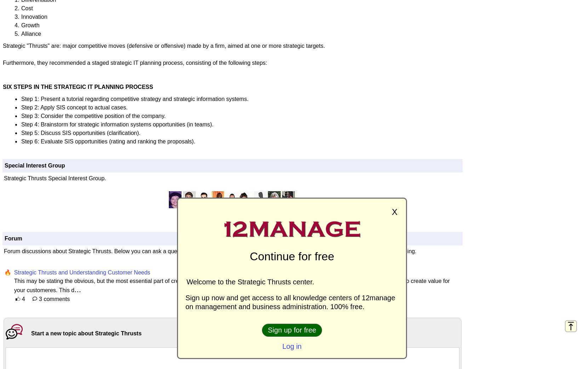 The height and width of the screenshot is (369, 584). Describe the element at coordinates (290, 302) in the screenshot. I see `'Sign up now and get access to all knowledge centers of 12manage on management and business administration. 100% free.'` at that location.